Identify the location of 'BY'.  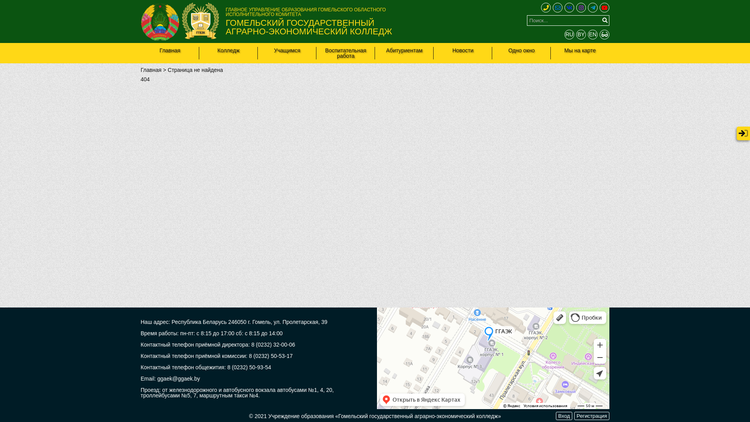
(581, 34).